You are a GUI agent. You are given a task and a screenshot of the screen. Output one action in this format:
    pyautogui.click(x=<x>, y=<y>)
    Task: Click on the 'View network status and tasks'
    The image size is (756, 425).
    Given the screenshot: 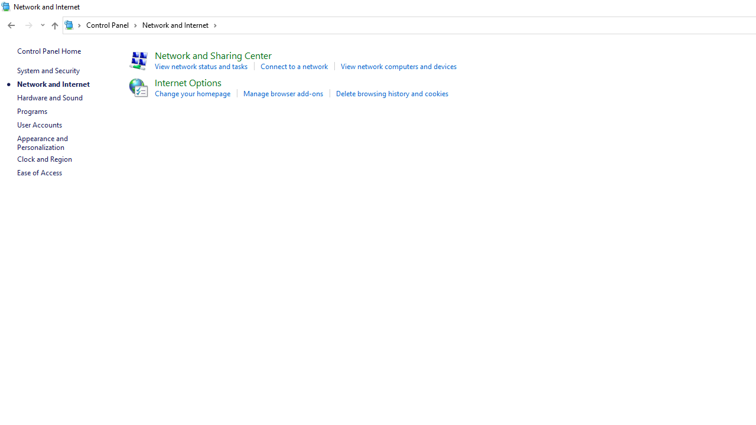 What is the action you would take?
    pyautogui.click(x=201, y=66)
    